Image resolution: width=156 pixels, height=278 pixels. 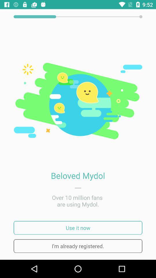 What do you see at coordinates (78, 246) in the screenshot?
I see `i m already item` at bounding box center [78, 246].